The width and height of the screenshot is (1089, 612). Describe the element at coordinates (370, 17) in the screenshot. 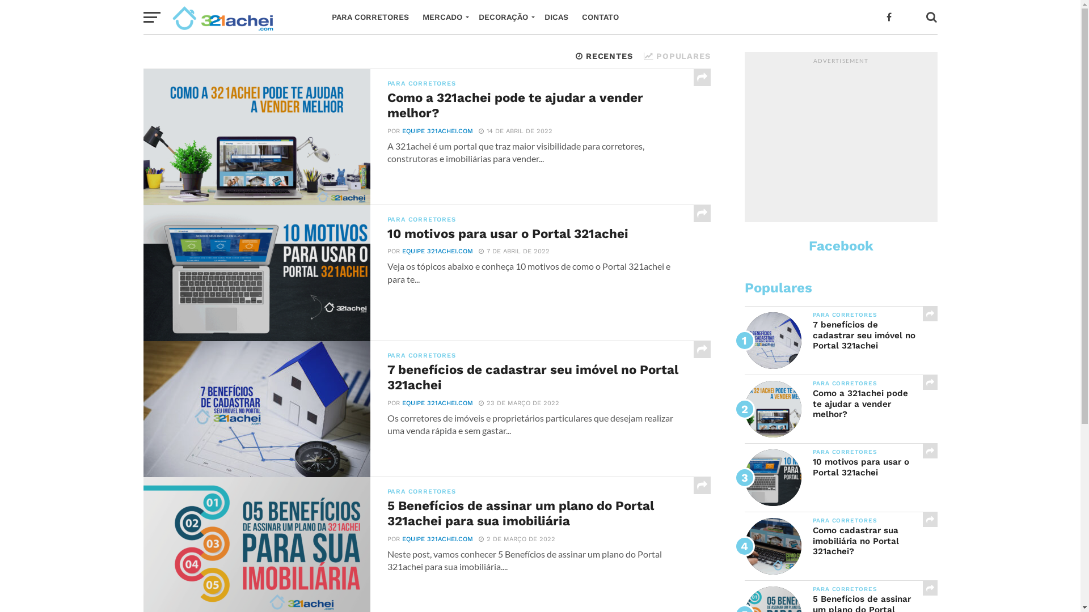

I see `'PARA CORRETORES'` at that location.